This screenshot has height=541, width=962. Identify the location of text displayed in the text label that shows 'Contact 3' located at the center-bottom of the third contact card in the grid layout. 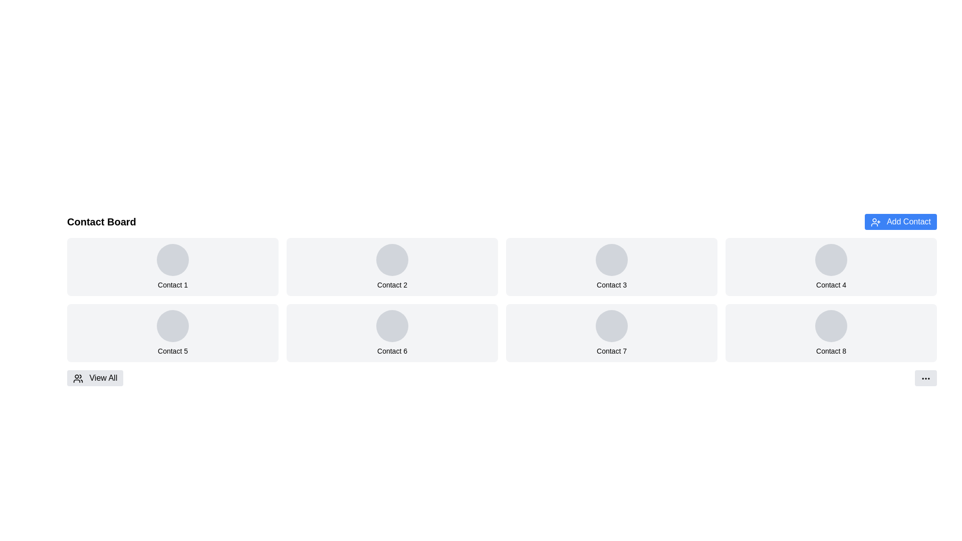
(611, 285).